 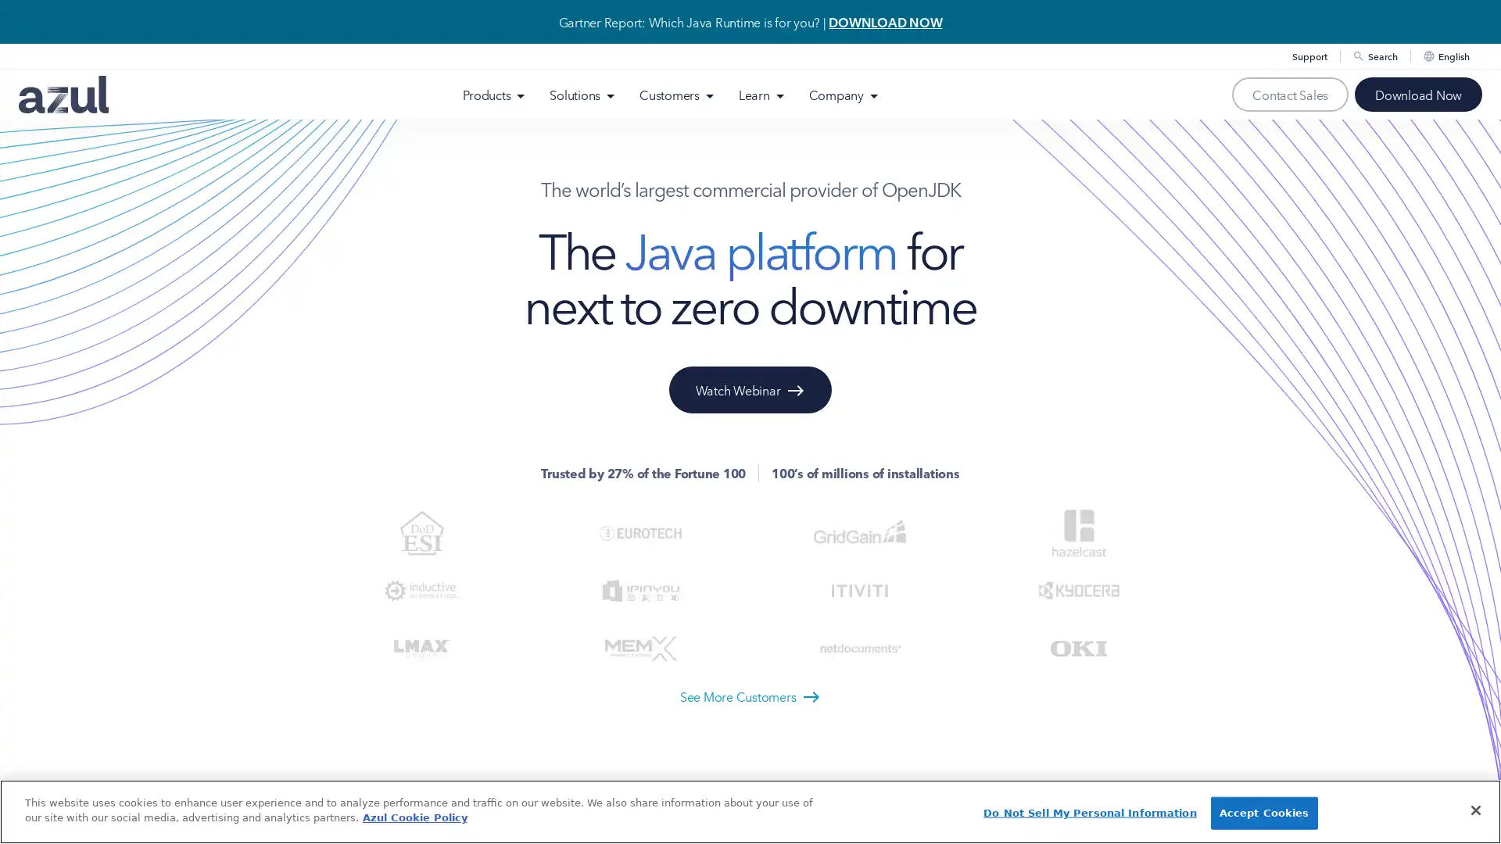 What do you see at coordinates (1263, 812) in the screenshot?
I see `Accept Cookies` at bounding box center [1263, 812].